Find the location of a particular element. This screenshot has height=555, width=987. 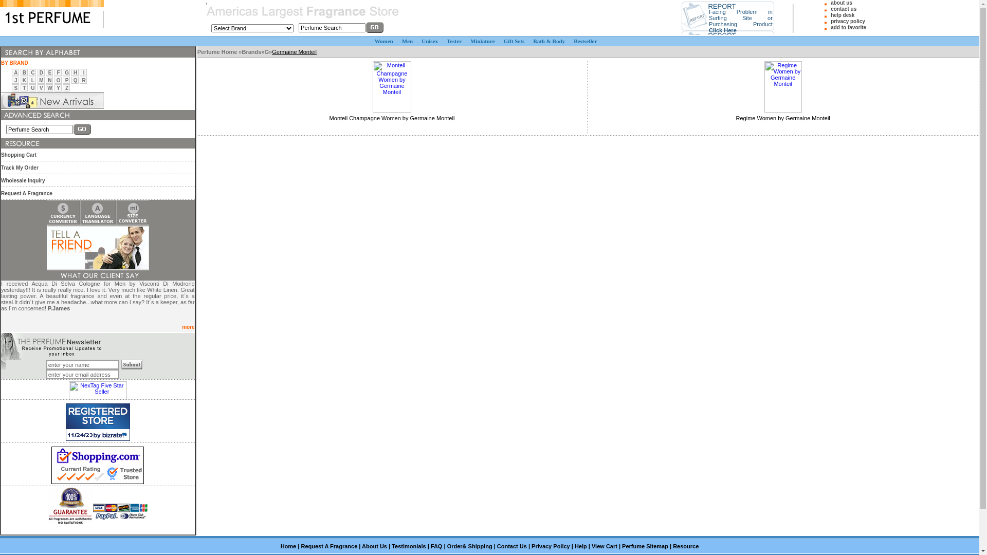

'help desk' is located at coordinates (842, 15).